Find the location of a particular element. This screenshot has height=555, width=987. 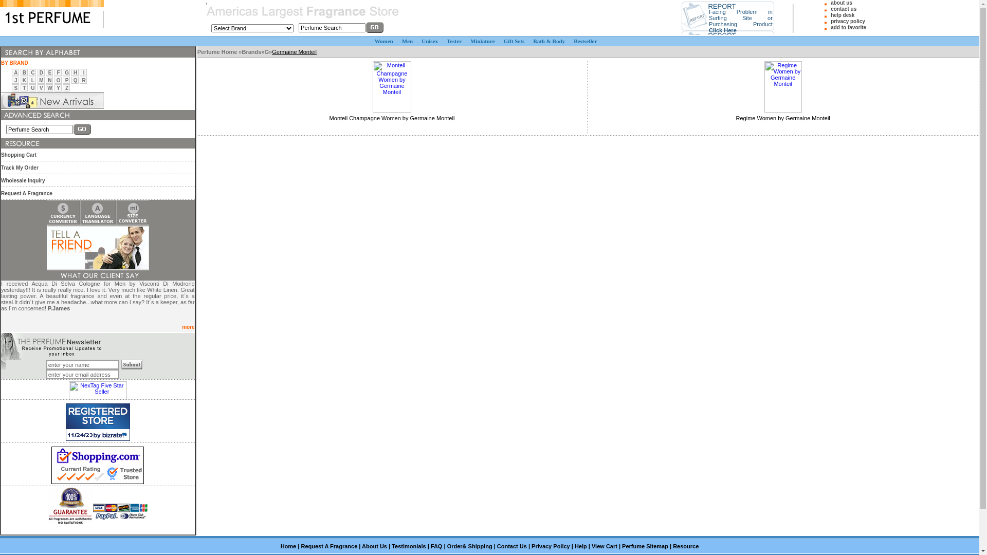

'help desk' is located at coordinates (842, 15).